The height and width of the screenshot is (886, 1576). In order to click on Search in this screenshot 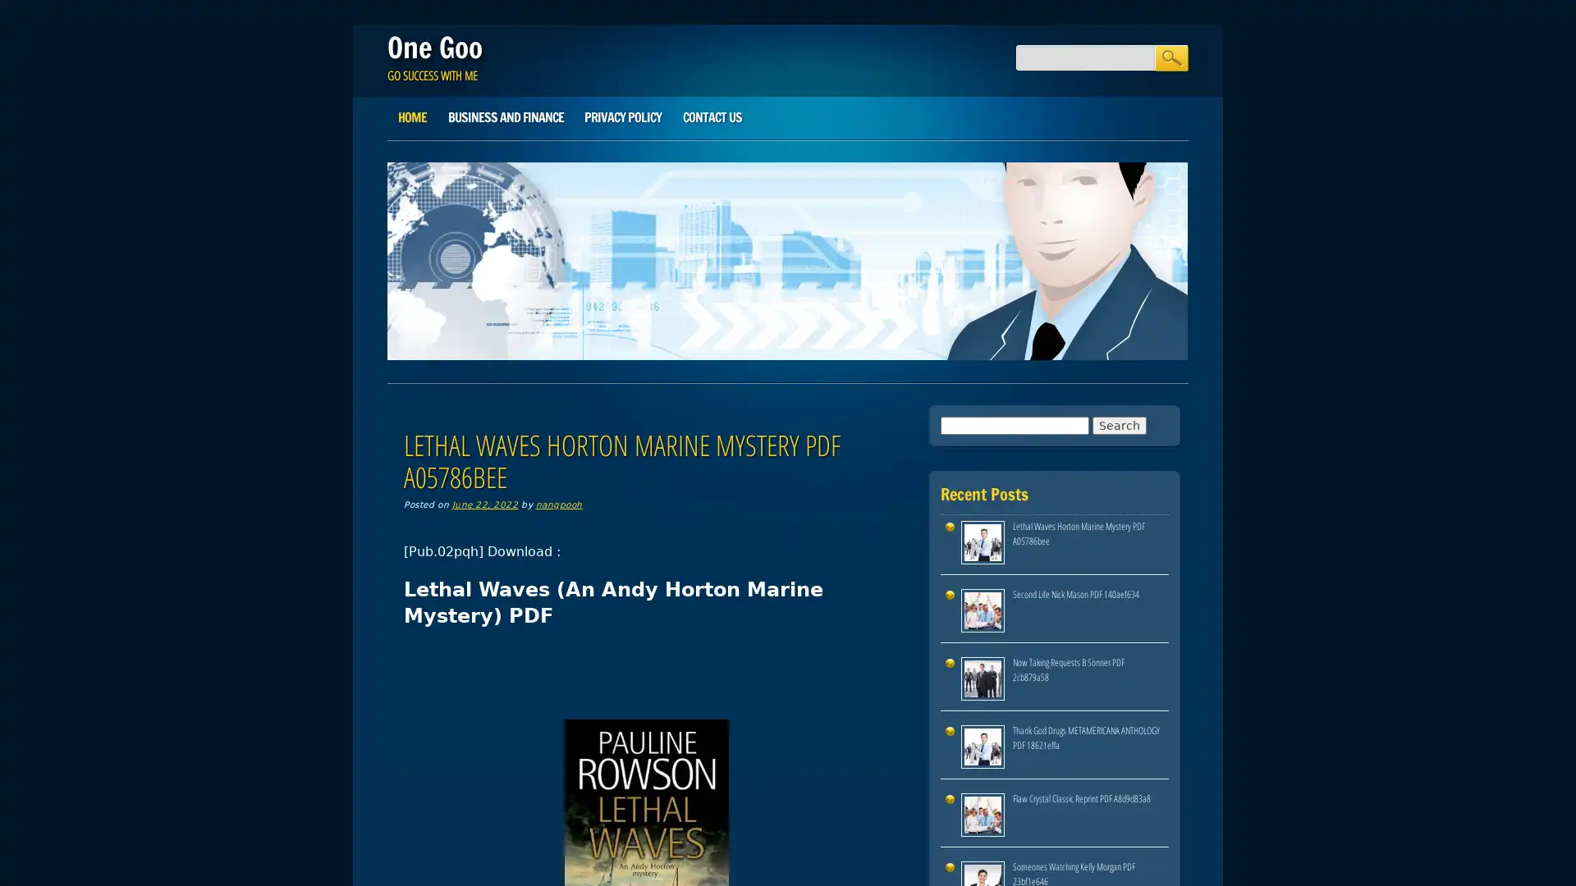, I will do `click(1170, 57)`.